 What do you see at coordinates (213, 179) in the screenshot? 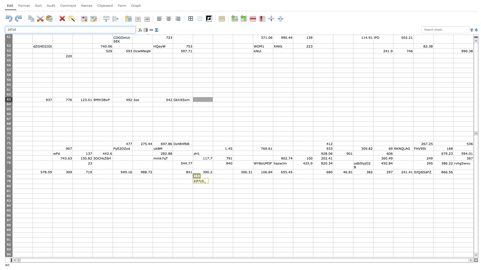
I see `Top left corner of cell K-79` at bounding box center [213, 179].